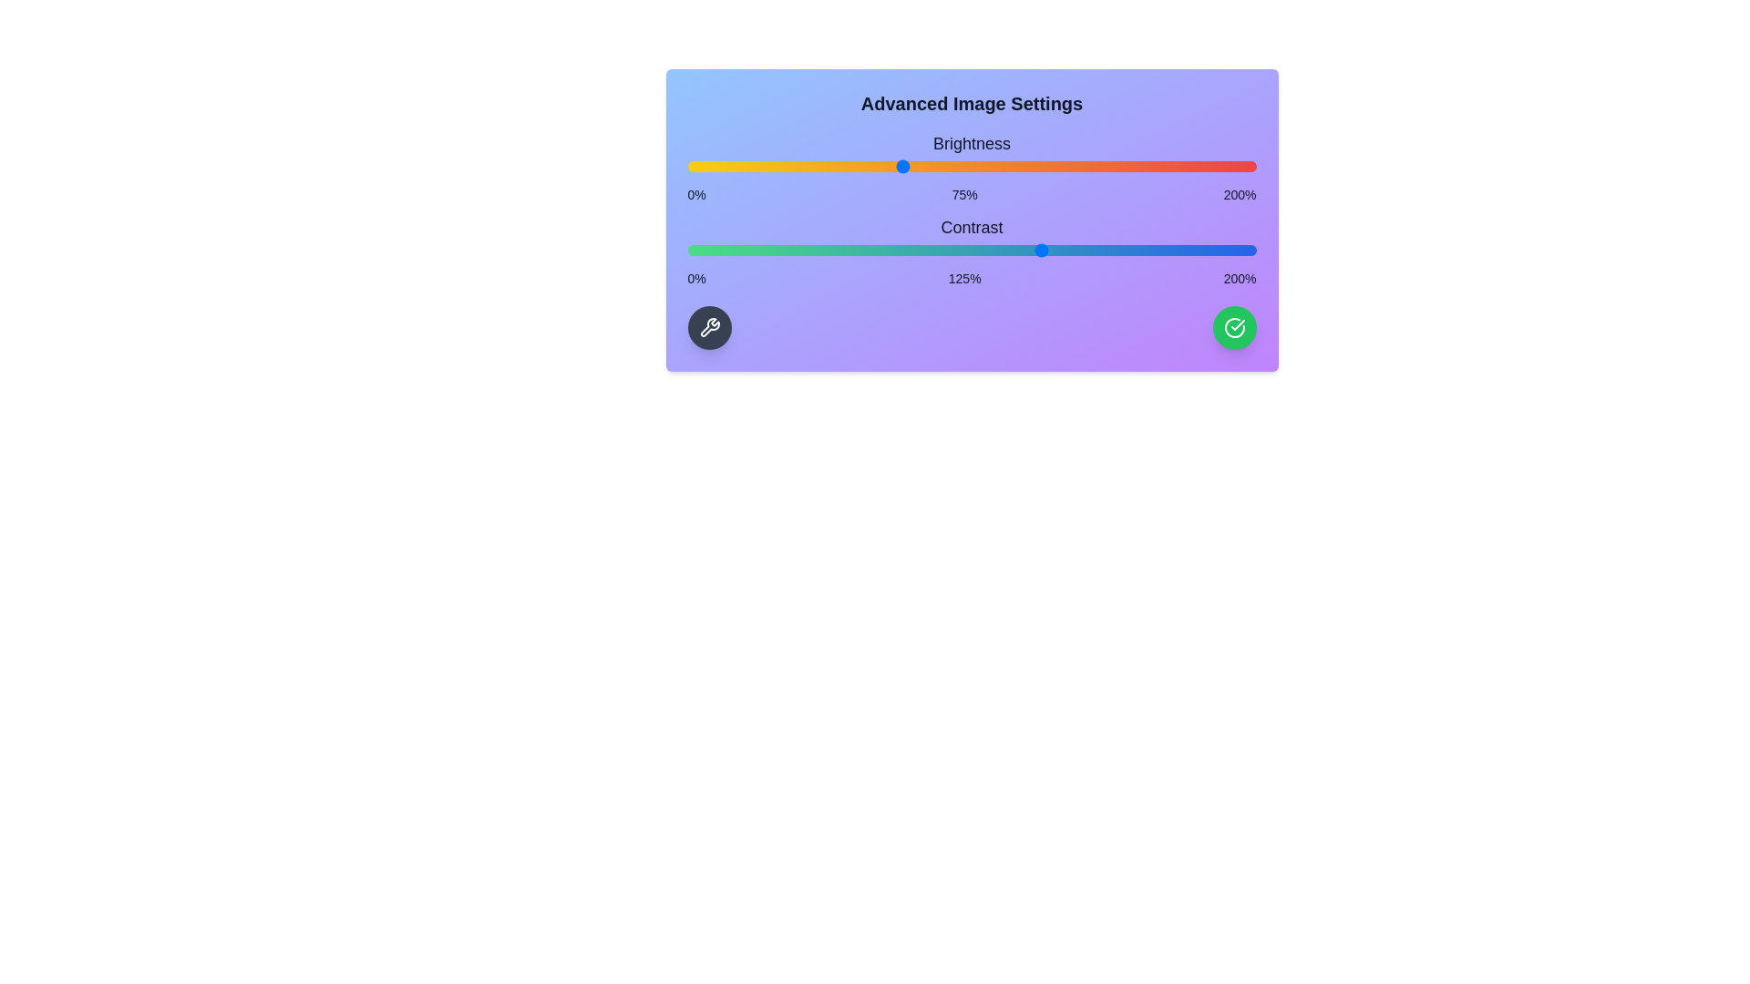  What do you see at coordinates (1239, 250) in the screenshot?
I see `the contrast slider to 194%` at bounding box center [1239, 250].